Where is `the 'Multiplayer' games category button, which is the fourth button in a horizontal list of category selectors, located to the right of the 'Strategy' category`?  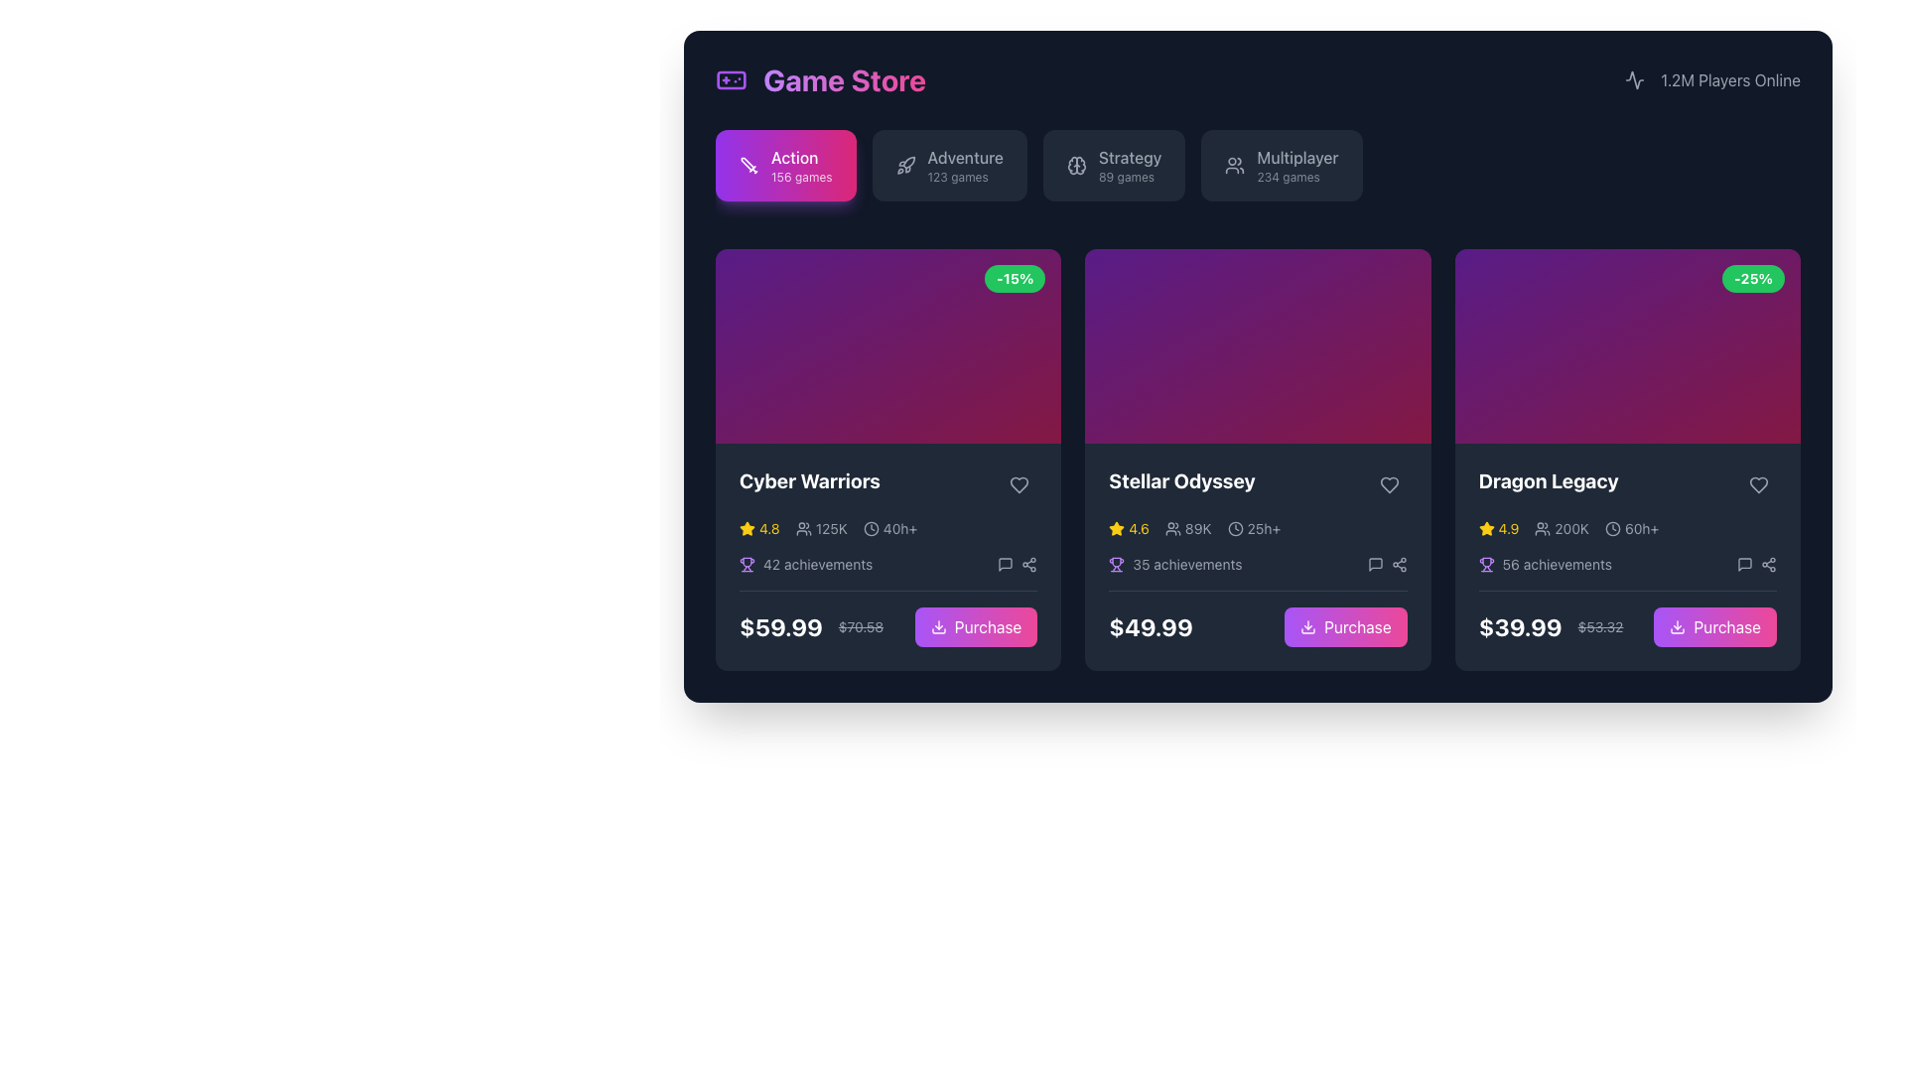 the 'Multiplayer' games category button, which is the fourth button in a horizontal list of category selectors, located to the right of the 'Strategy' category is located at coordinates (1282, 164).